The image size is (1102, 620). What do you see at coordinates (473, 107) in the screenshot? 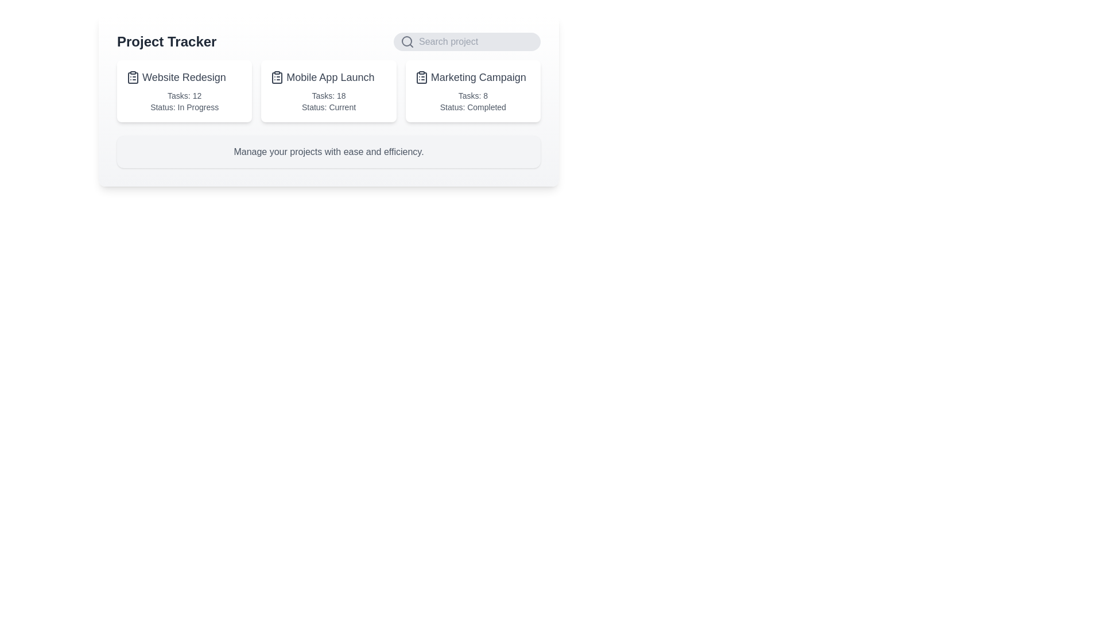
I see `the 'Status: Completed' text label, which is styled with light gray color and is located in the rightmost project card below the 'Tasks: 8' text element` at bounding box center [473, 107].